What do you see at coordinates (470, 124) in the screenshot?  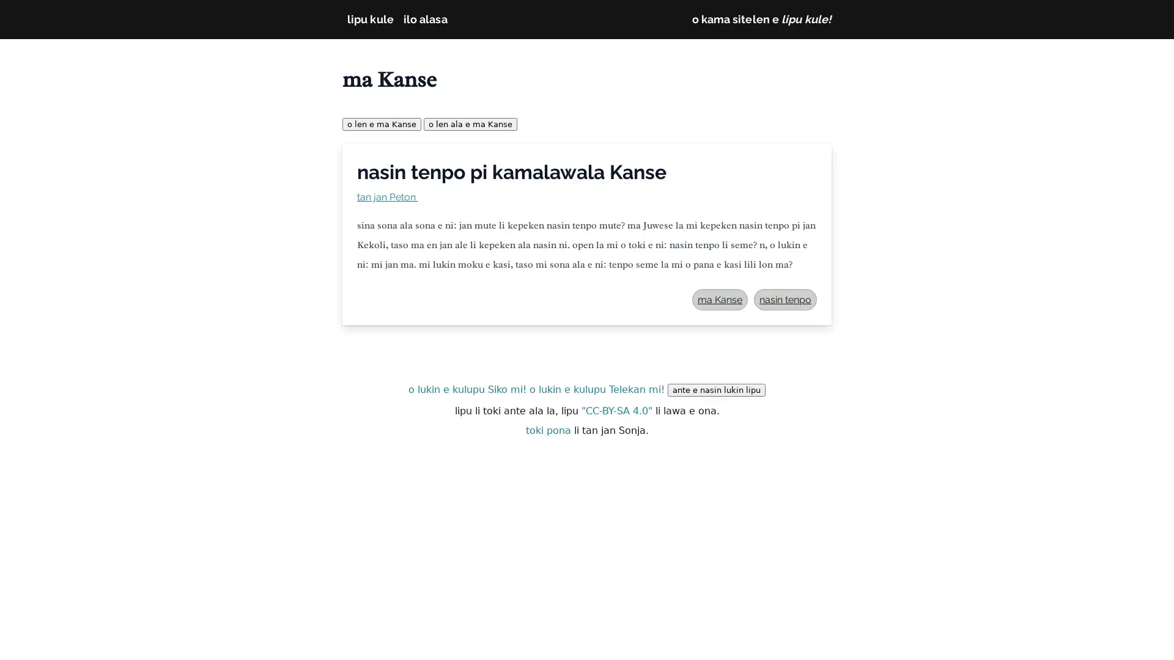 I see `o len ala e ma Kanse` at bounding box center [470, 124].